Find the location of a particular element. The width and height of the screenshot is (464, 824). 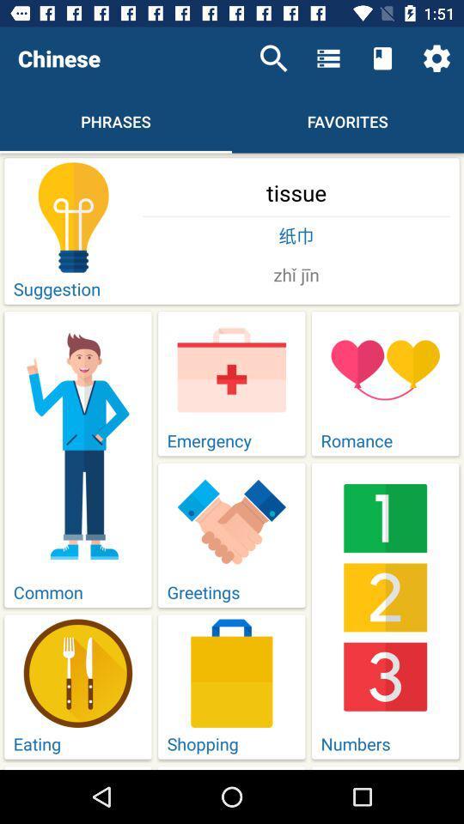

item above the tissue item is located at coordinates (273, 58).